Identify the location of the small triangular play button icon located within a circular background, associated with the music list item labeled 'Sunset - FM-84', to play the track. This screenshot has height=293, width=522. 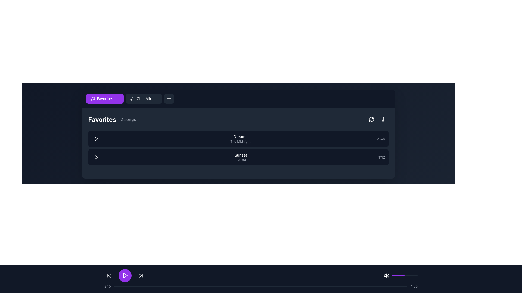
(96, 157).